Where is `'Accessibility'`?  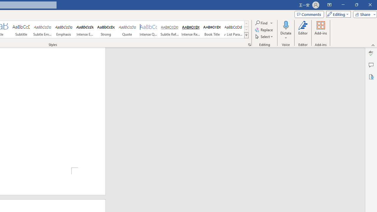 'Accessibility' is located at coordinates (371, 77).